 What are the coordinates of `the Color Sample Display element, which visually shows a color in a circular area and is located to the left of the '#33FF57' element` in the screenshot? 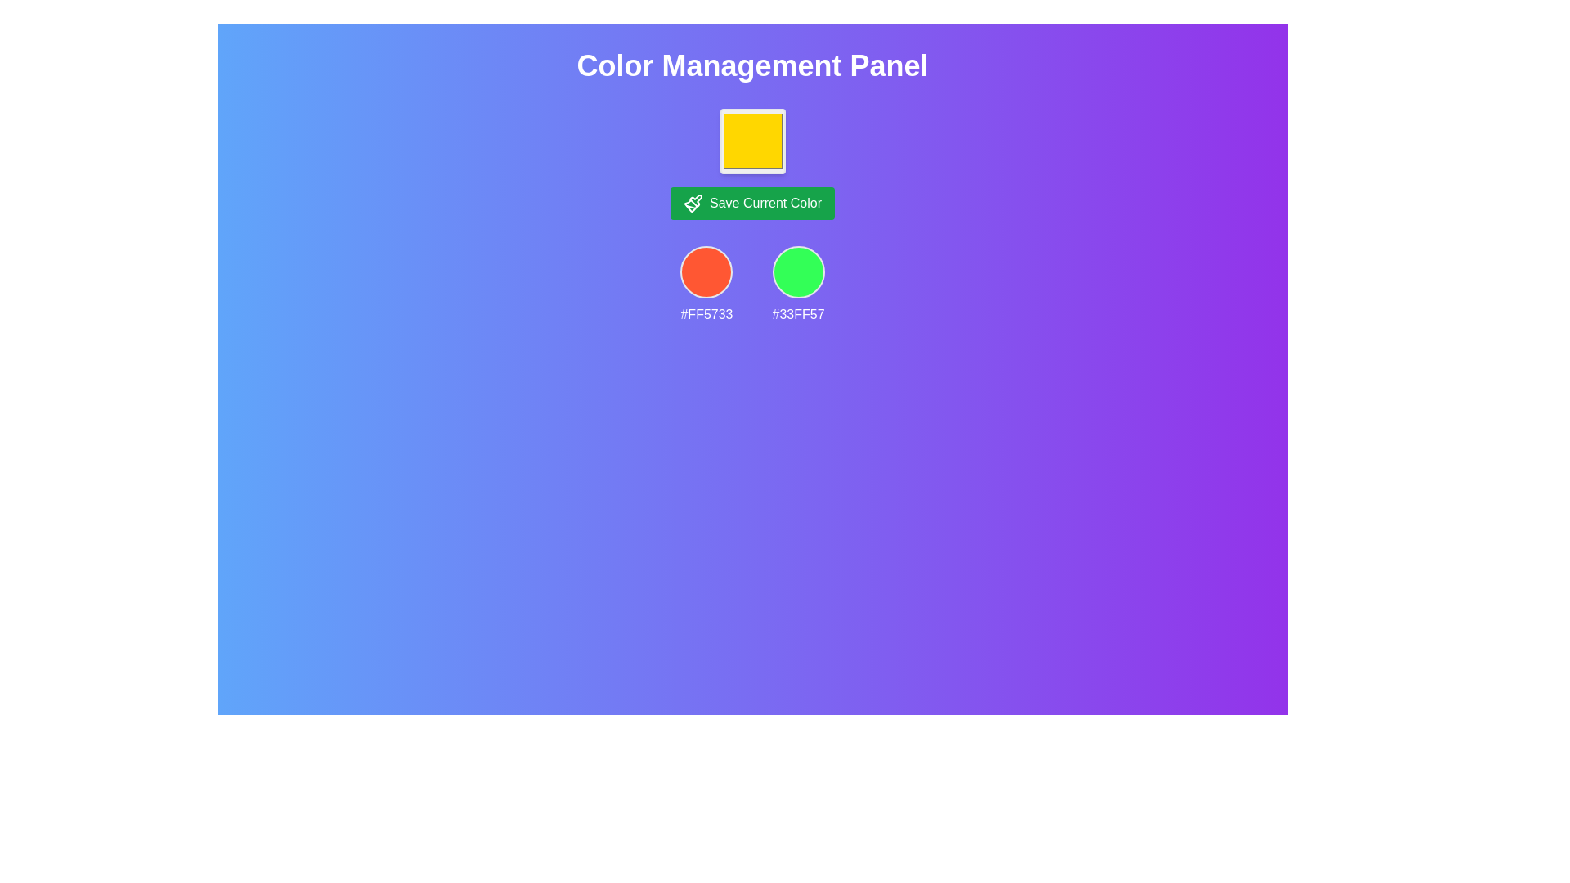 It's located at (706, 284).